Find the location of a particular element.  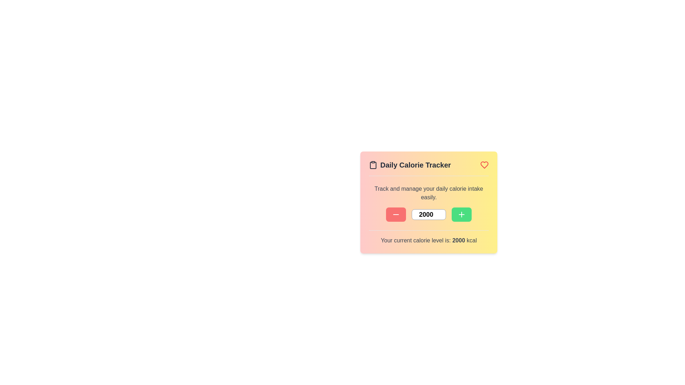

the text label displaying 'Track and manage your daily calorie intake easily.' which is positioned beneath the header 'Daily Calorie Tracker' is located at coordinates (428, 203).